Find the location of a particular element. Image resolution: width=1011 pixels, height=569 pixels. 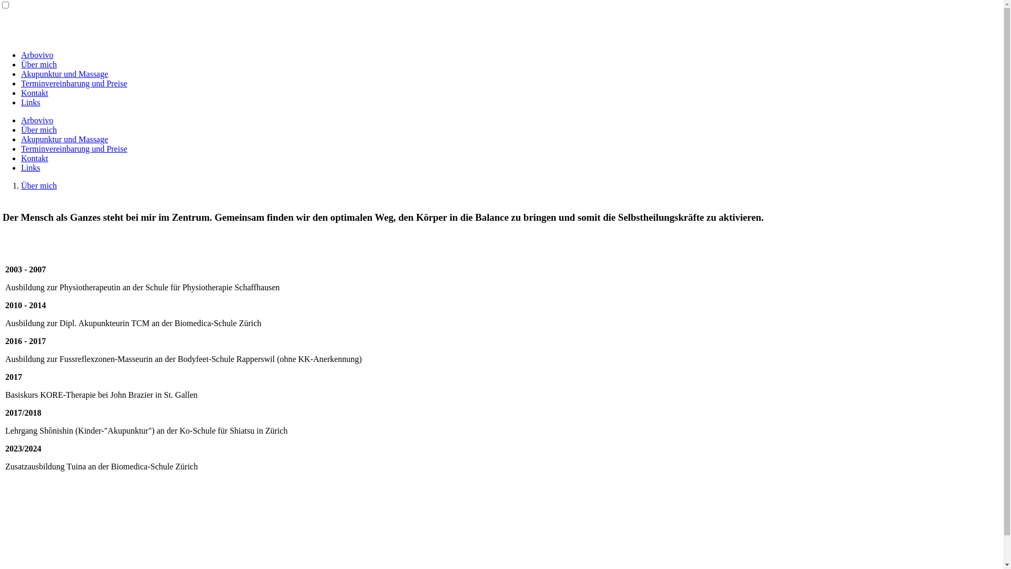

'Links' is located at coordinates (30, 167).